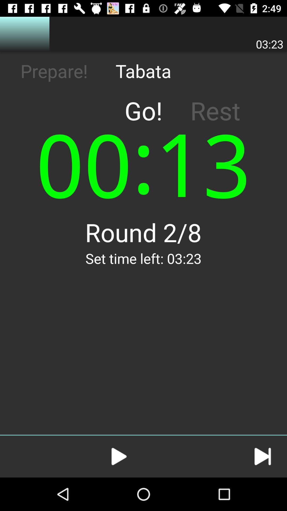 This screenshot has width=287, height=511. What do you see at coordinates (119, 456) in the screenshot?
I see `start workout` at bounding box center [119, 456].